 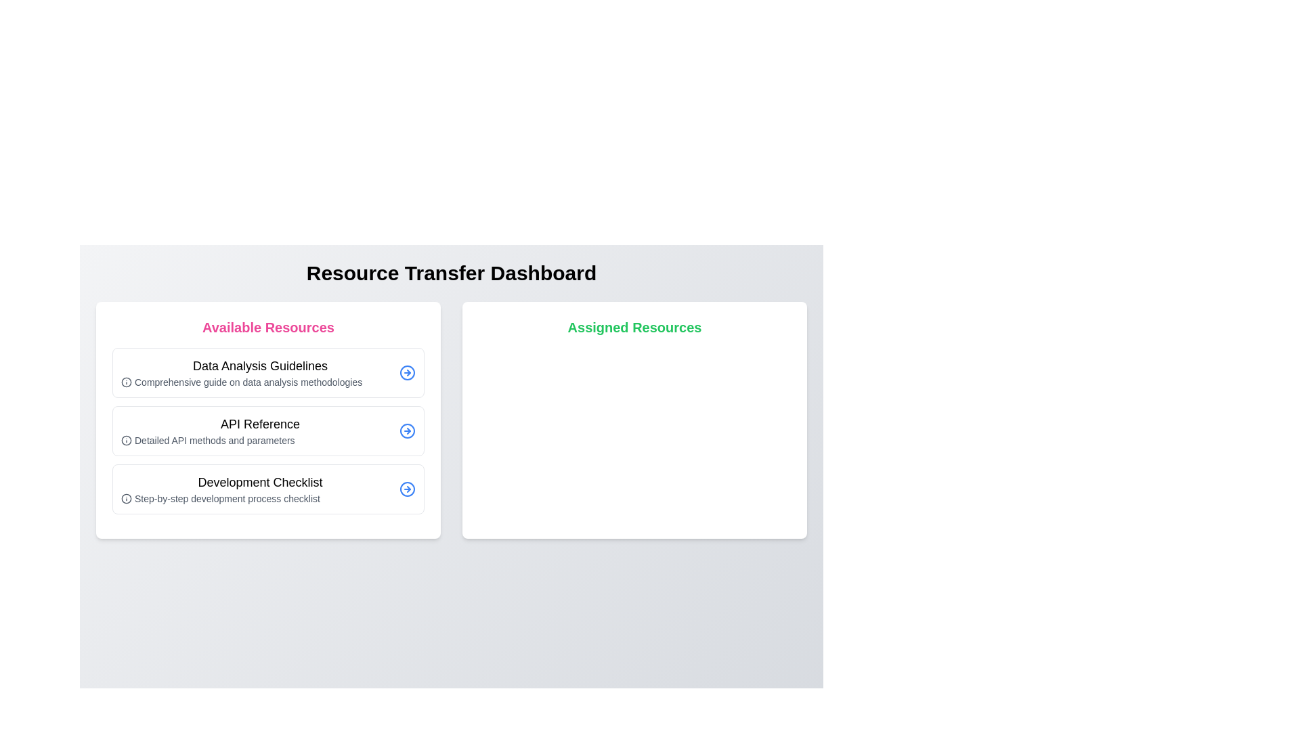 I want to click on the Information card located in the second box of the 'Available Resources' column of the Resource Transfer Dashboard, so click(x=260, y=430).